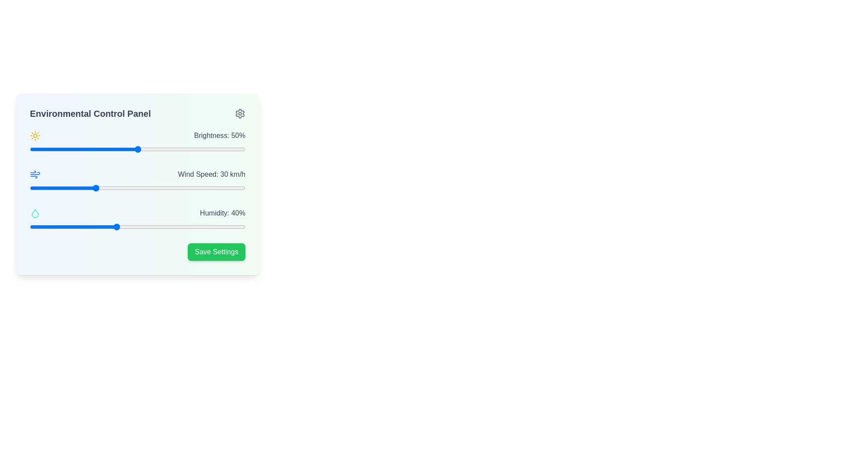 The width and height of the screenshot is (846, 476). Describe the element at coordinates (155, 149) in the screenshot. I see `the slider value` at that location.